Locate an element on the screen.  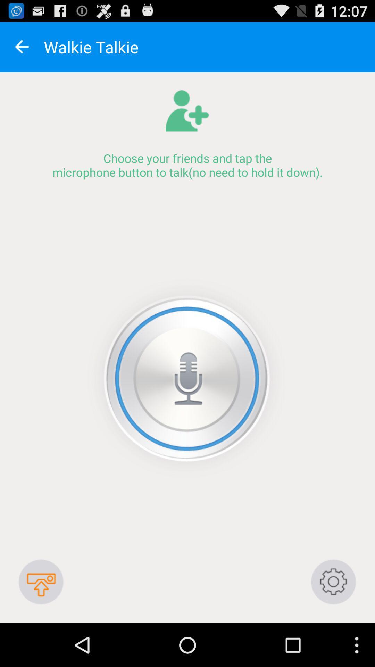
record voice is located at coordinates (187, 378).